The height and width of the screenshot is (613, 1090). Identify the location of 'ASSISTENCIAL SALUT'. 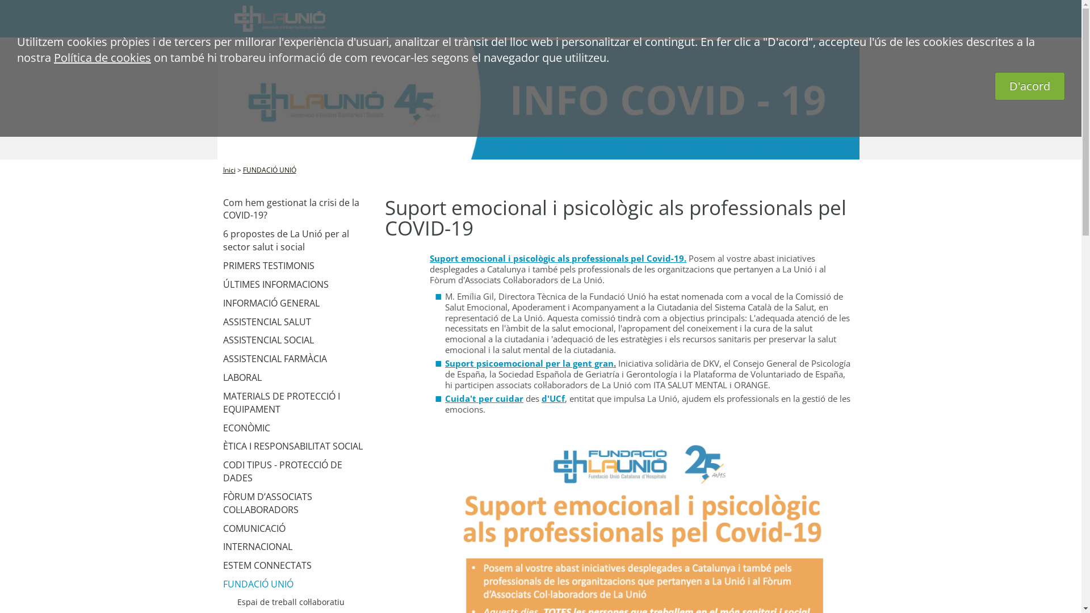
(297, 321).